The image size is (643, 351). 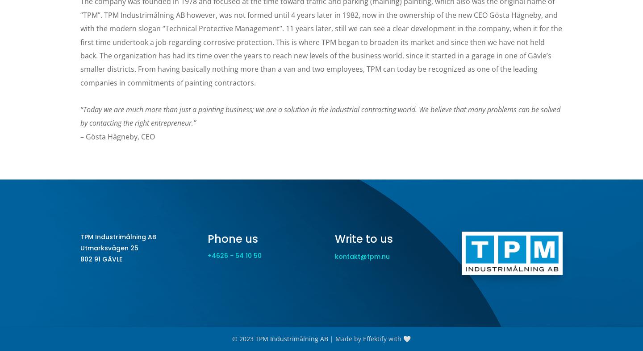 I want to click on 'Utmarksvägen 25', so click(x=109, y=248).